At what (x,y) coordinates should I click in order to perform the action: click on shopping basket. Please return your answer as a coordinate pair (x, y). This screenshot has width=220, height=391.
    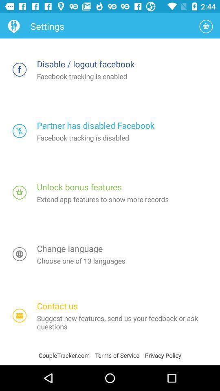
    Looking at the image, I should click on (205, 26).